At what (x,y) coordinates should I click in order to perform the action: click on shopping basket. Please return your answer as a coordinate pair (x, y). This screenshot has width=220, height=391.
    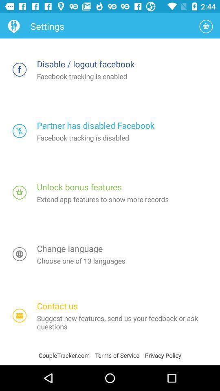
    Looking at the image, I should click on (205, 26).